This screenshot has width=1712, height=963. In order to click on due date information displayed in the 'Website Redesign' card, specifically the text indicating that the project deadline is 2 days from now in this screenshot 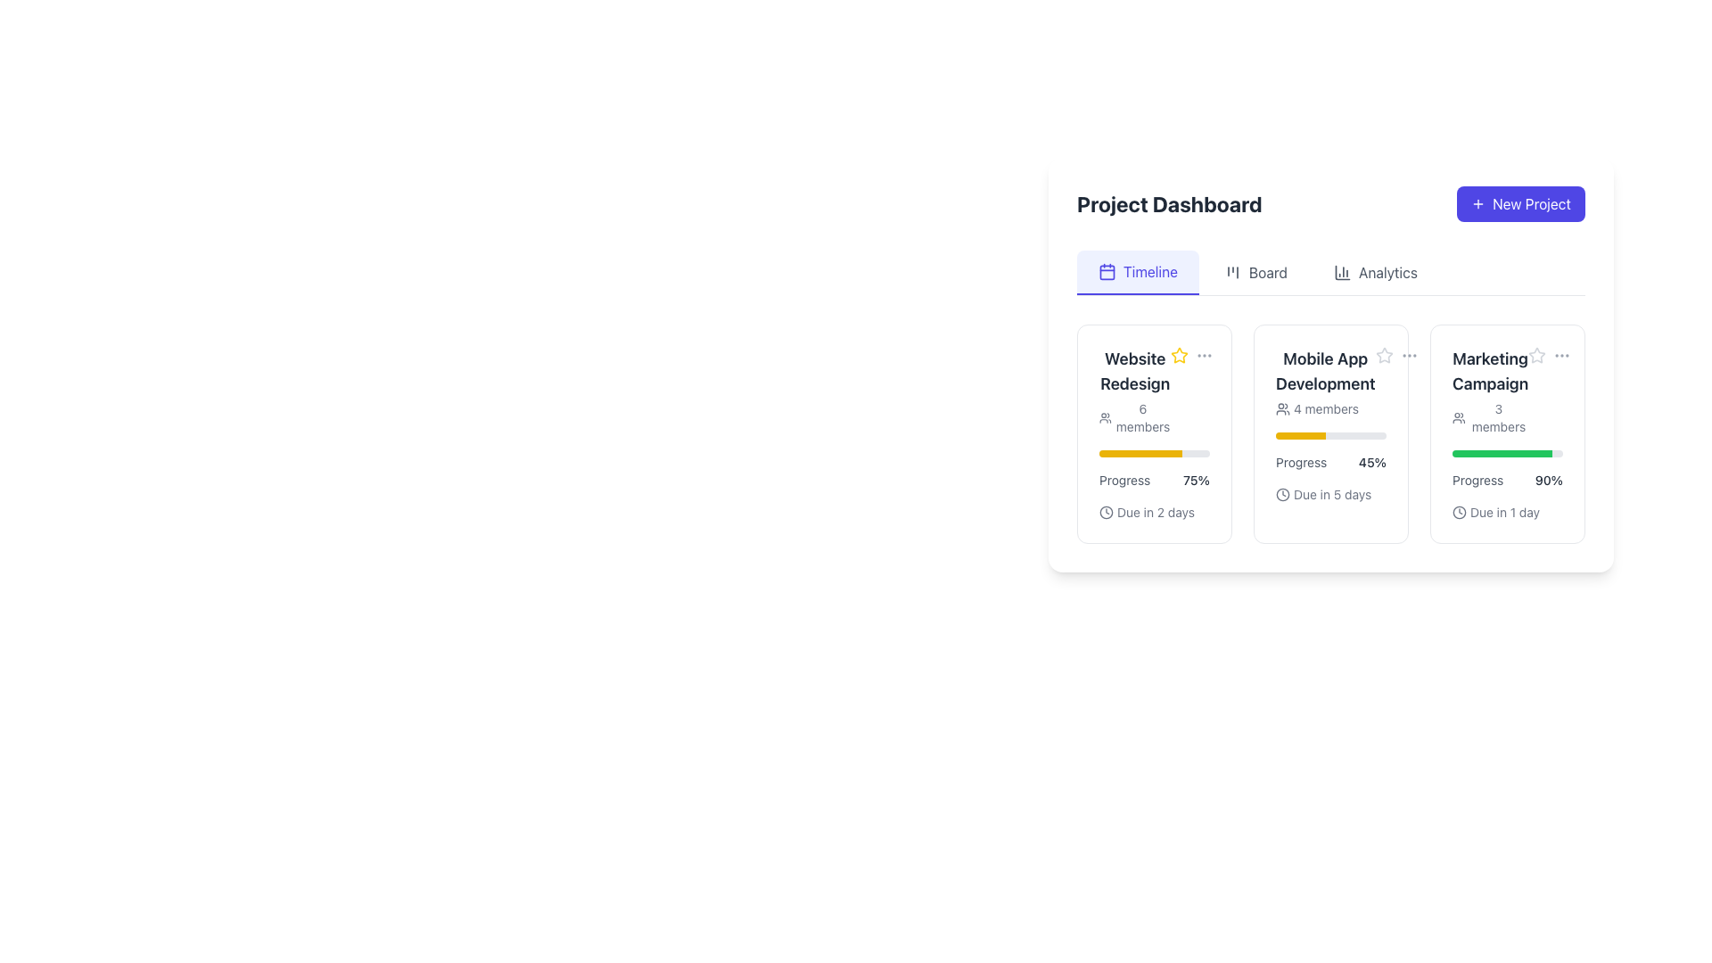, I will do `click(1155, 512)`.